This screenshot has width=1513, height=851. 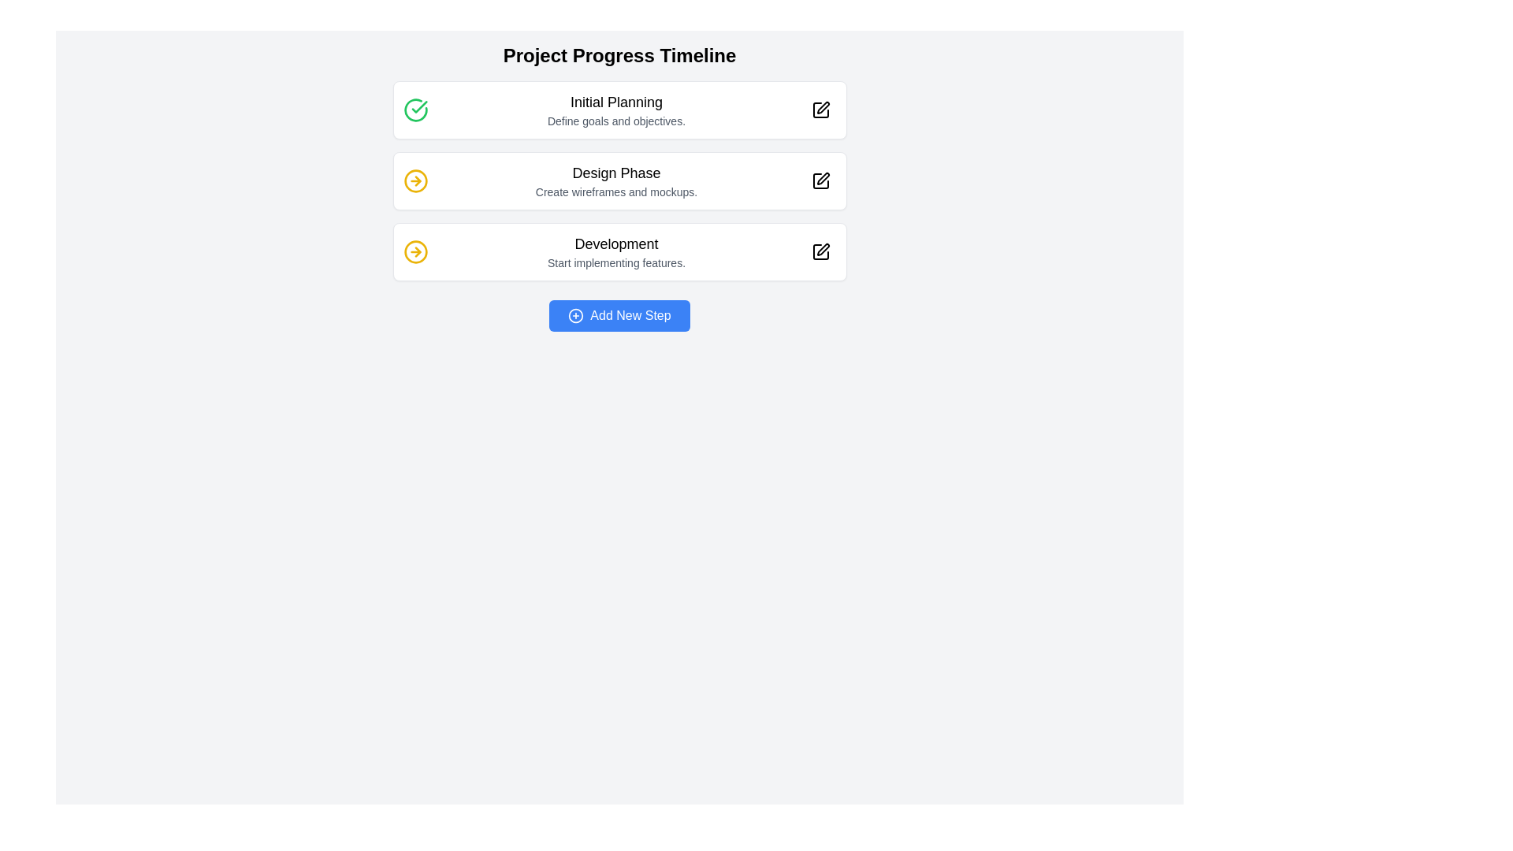 I want to click on the static textual content that serves as a title and description for a specific task in the project workflow, located in the first box below the header 'Project Progress Timeline', so click(x=615, y=109).